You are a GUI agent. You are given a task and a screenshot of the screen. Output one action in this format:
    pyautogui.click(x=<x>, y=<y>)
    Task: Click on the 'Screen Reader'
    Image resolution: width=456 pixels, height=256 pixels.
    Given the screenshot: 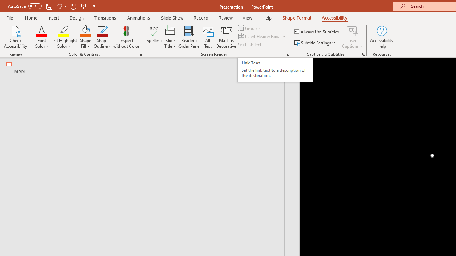 What is the action you would take?
    pyautogui.click(x=287, y=54)
    